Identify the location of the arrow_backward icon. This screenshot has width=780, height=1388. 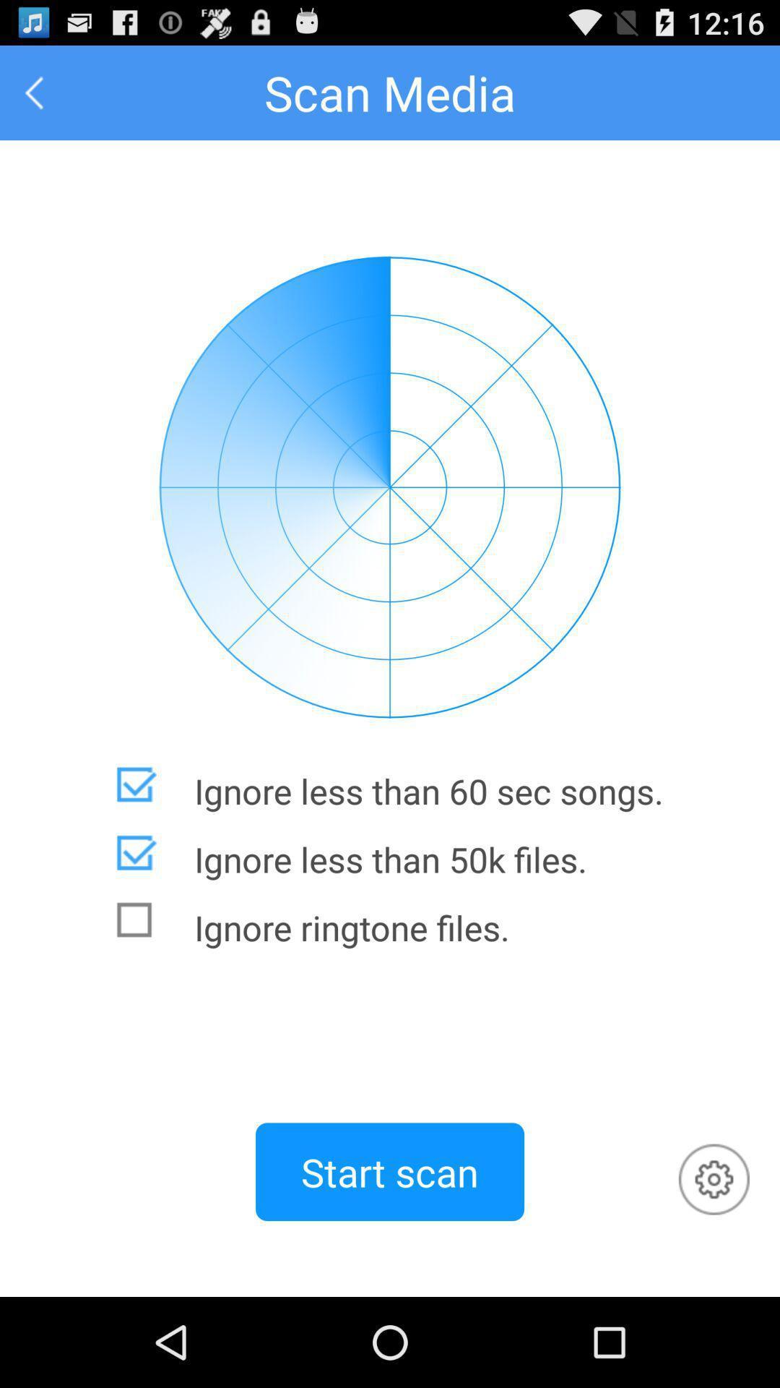
(33, 98).